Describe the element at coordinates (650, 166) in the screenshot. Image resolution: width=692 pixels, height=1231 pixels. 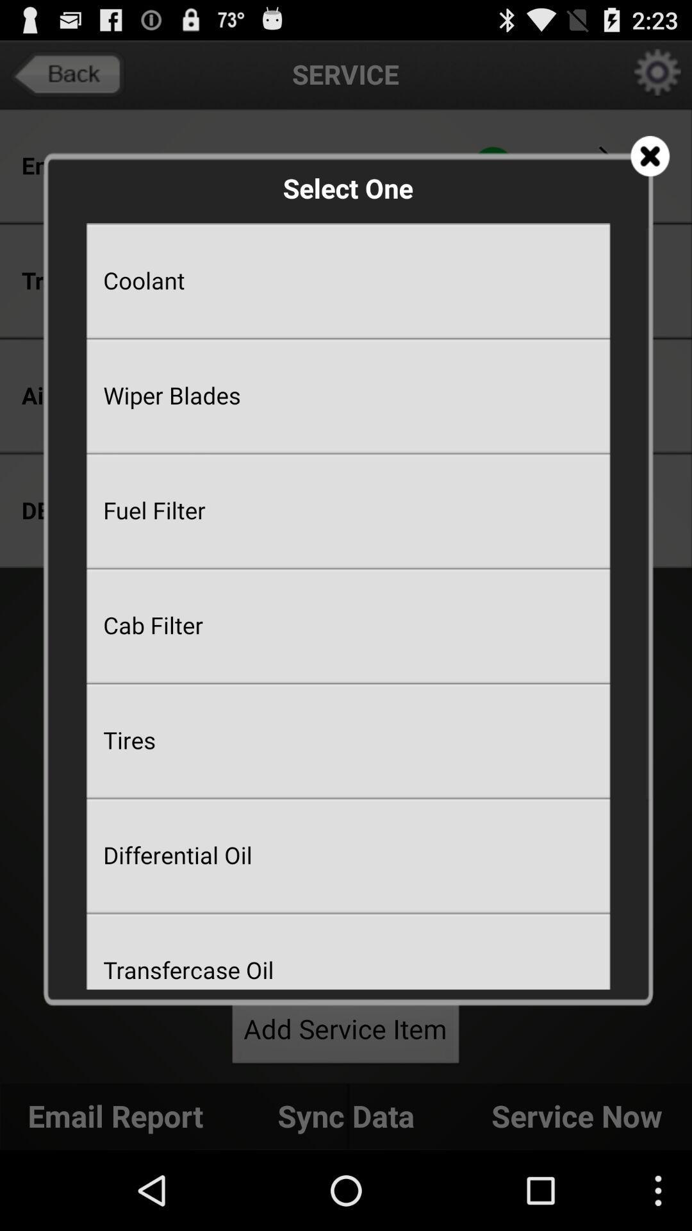
I see `the close icon` at that location.